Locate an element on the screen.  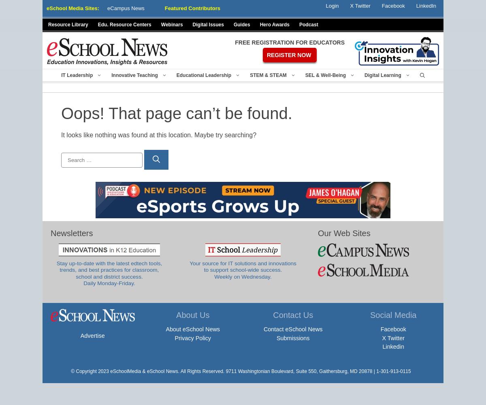
'STEM & STEAM' is located at coordinates (268, 75).